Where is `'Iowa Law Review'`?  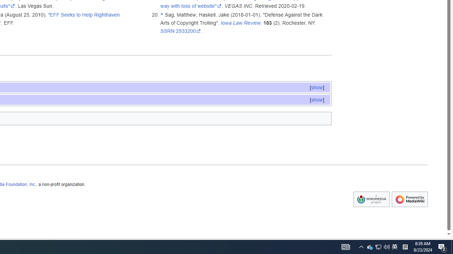 'Iowa Law Review' is located at coordinates (241, 22).